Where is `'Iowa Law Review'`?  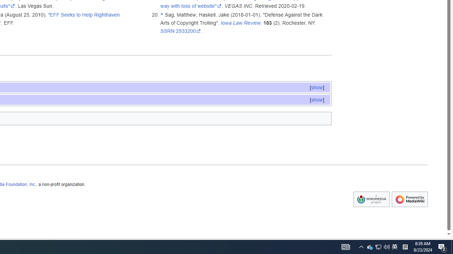 'Iowa Law Review' is located at coordinates (241, 22).